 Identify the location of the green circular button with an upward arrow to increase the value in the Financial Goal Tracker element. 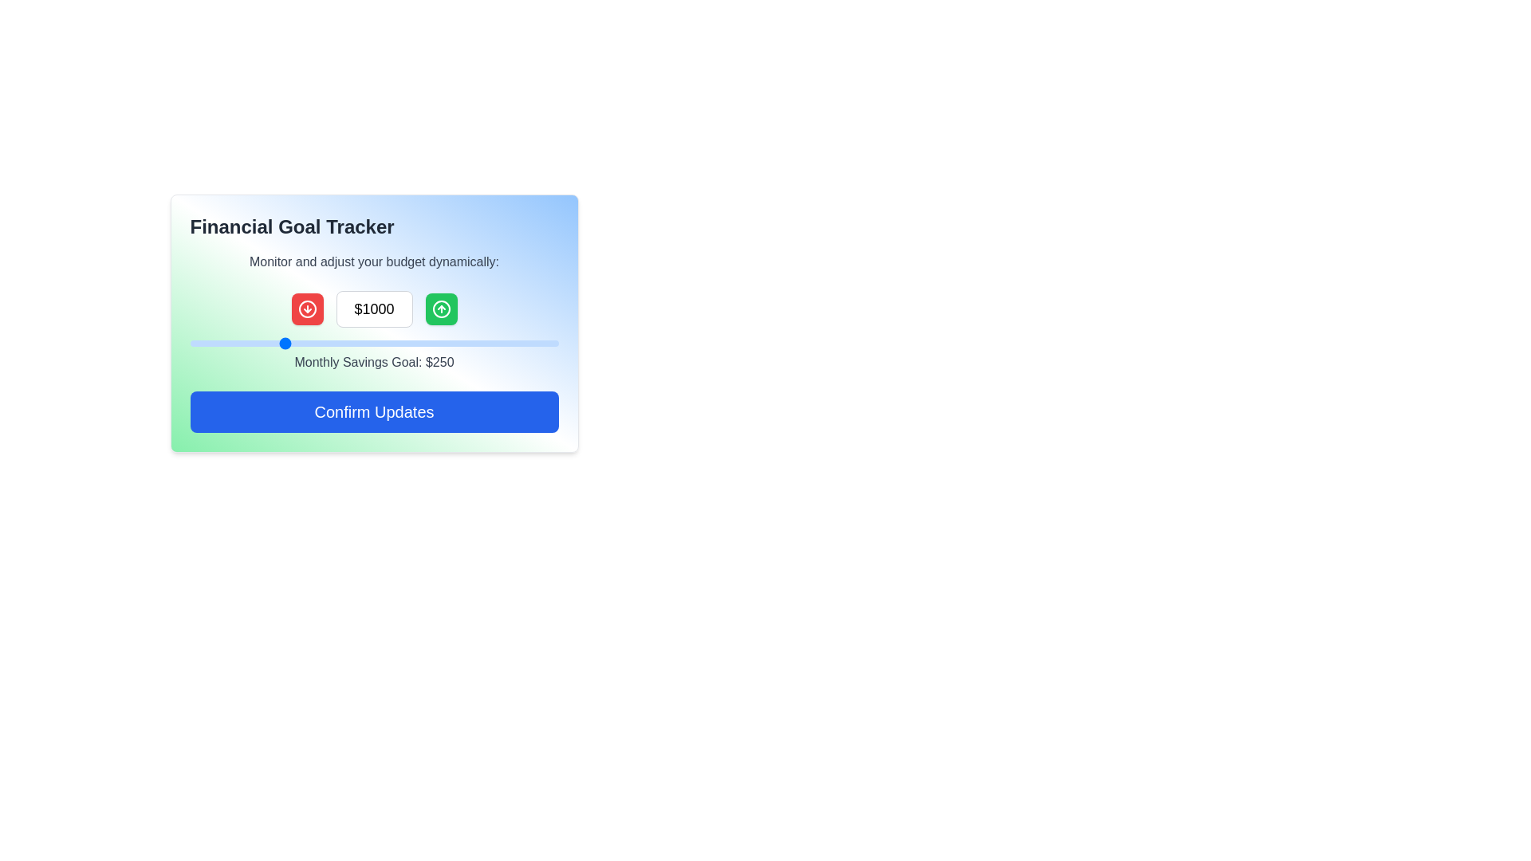
(373, 309).